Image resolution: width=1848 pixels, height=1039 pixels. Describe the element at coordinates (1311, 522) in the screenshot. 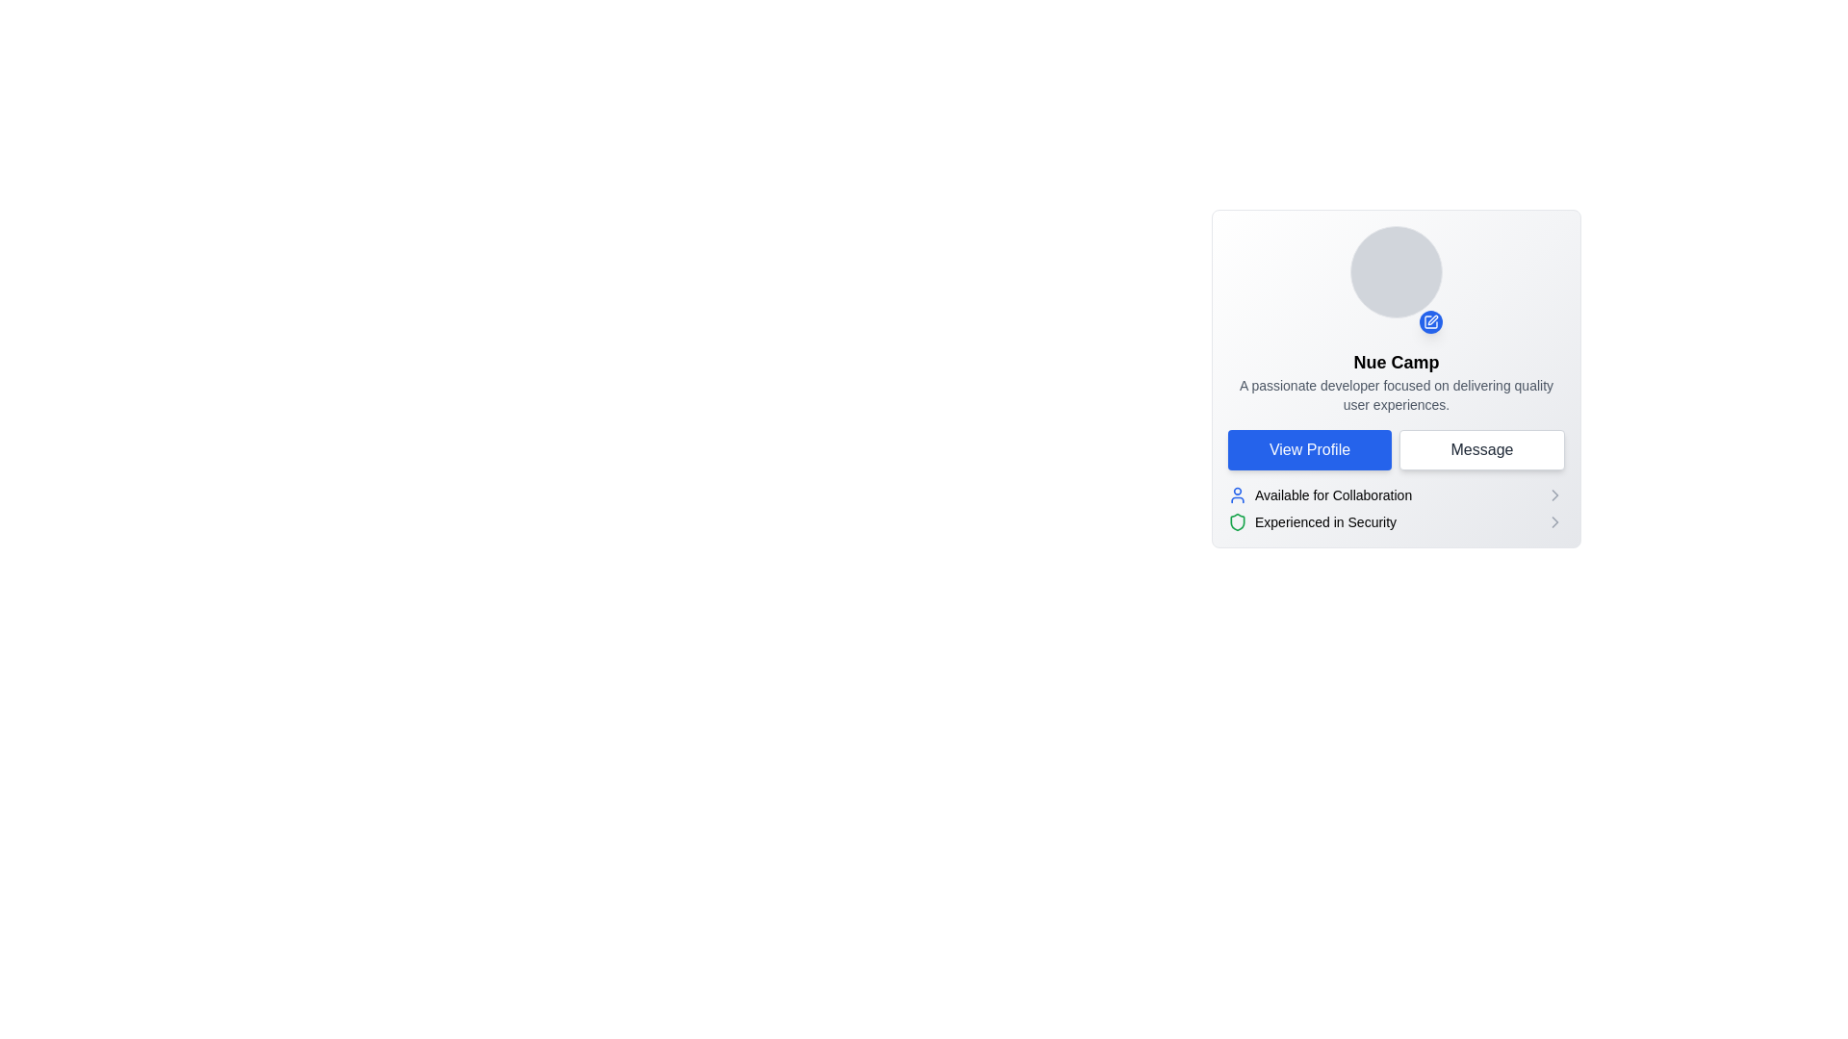

I see `the text entry labeled 'Experienced in Security' which is accompanied by a small green shield icon, located near the lower part of the profile card interface` at that location.